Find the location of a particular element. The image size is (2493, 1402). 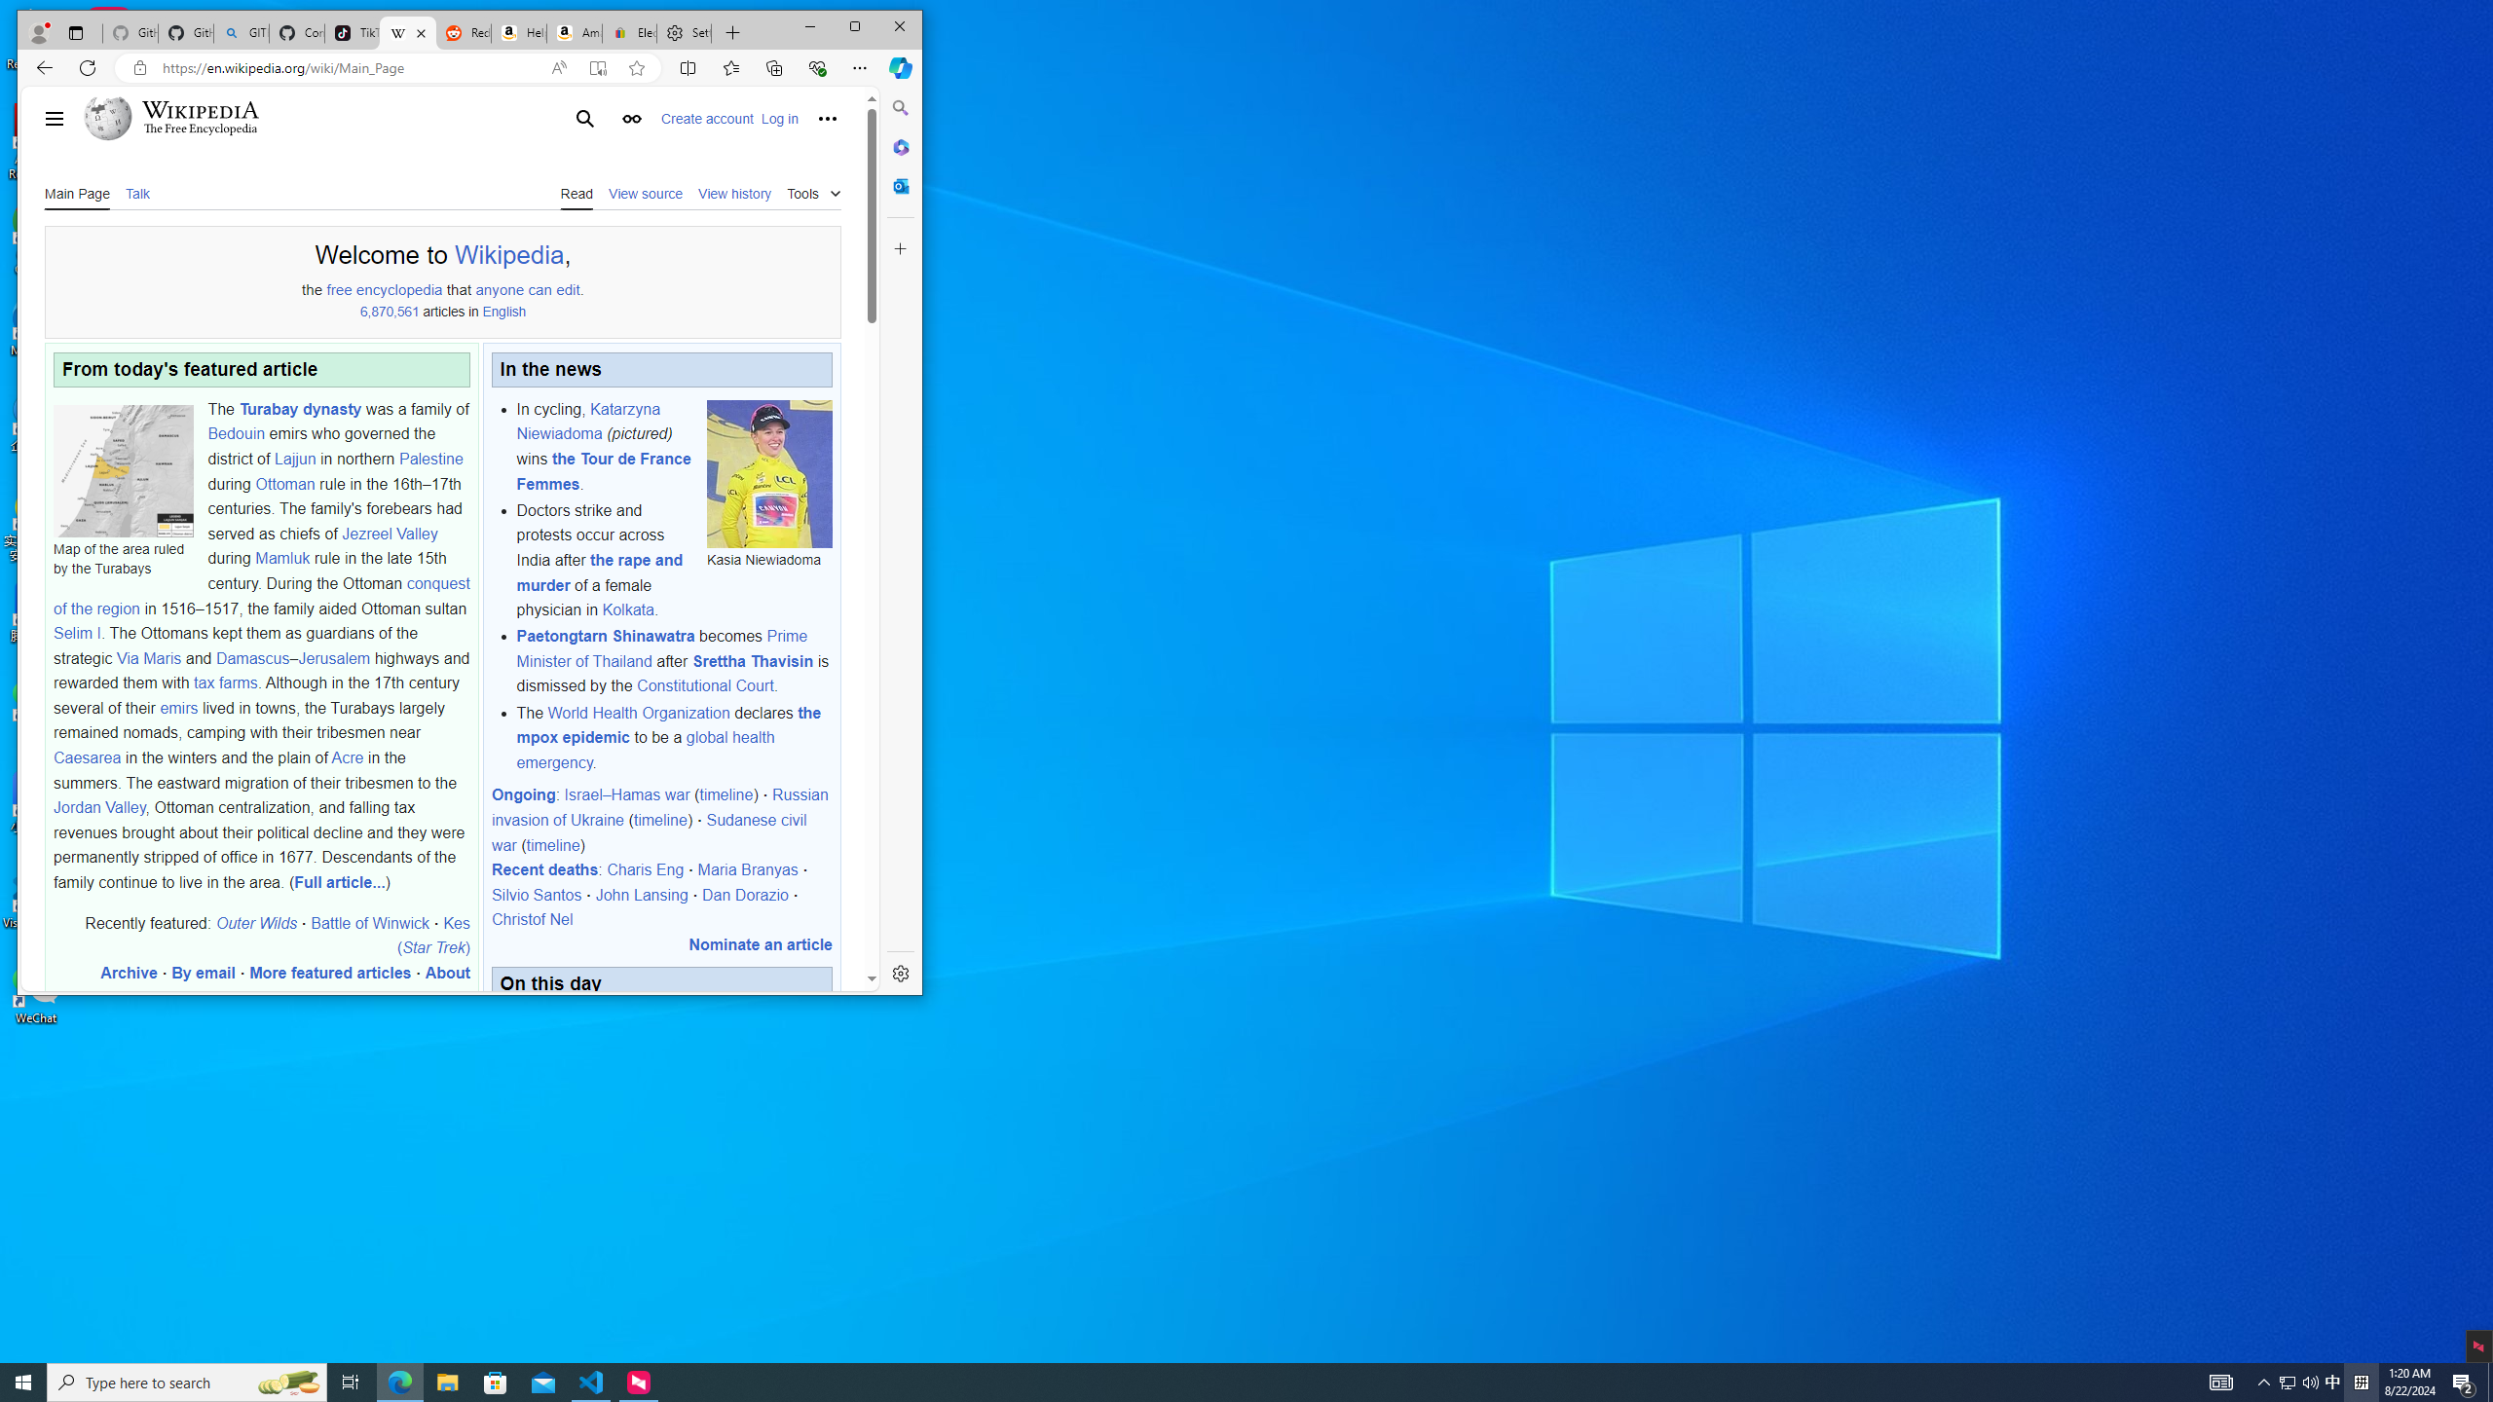

'Palestine' is located at coordinates (429, 458).